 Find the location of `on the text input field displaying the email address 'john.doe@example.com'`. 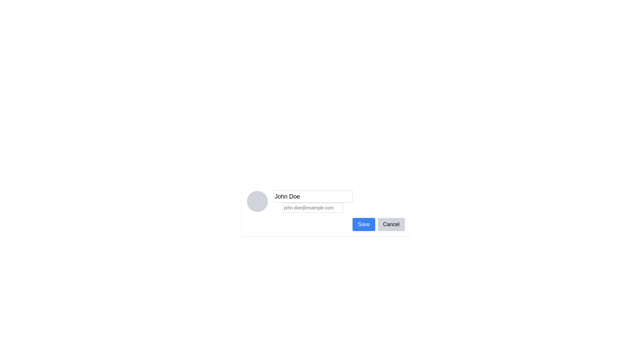

on the text input field displaying the email address 'john.doe@example.com' is located at coordinates (312, 208).